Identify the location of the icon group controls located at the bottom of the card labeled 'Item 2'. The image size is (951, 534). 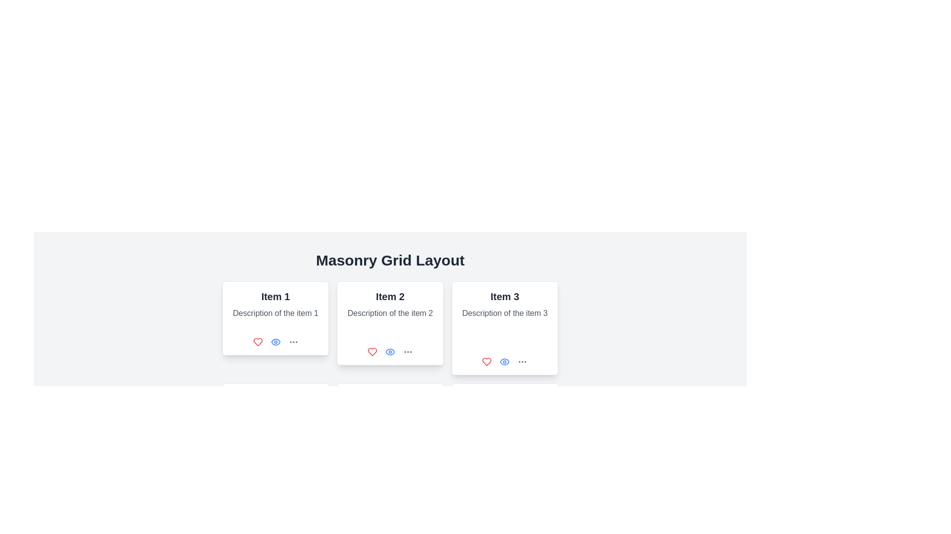
(389, 352).